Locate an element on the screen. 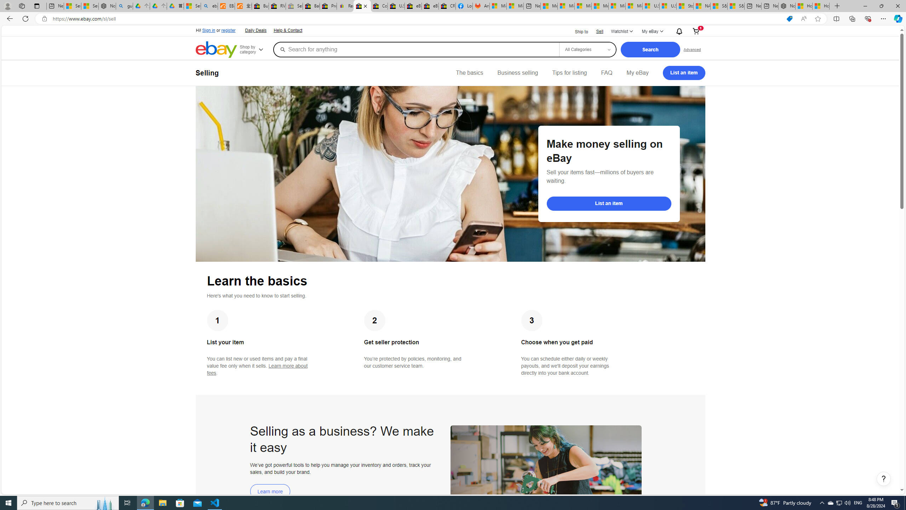  'Tips for listing' is located at coordinates (569, 72).